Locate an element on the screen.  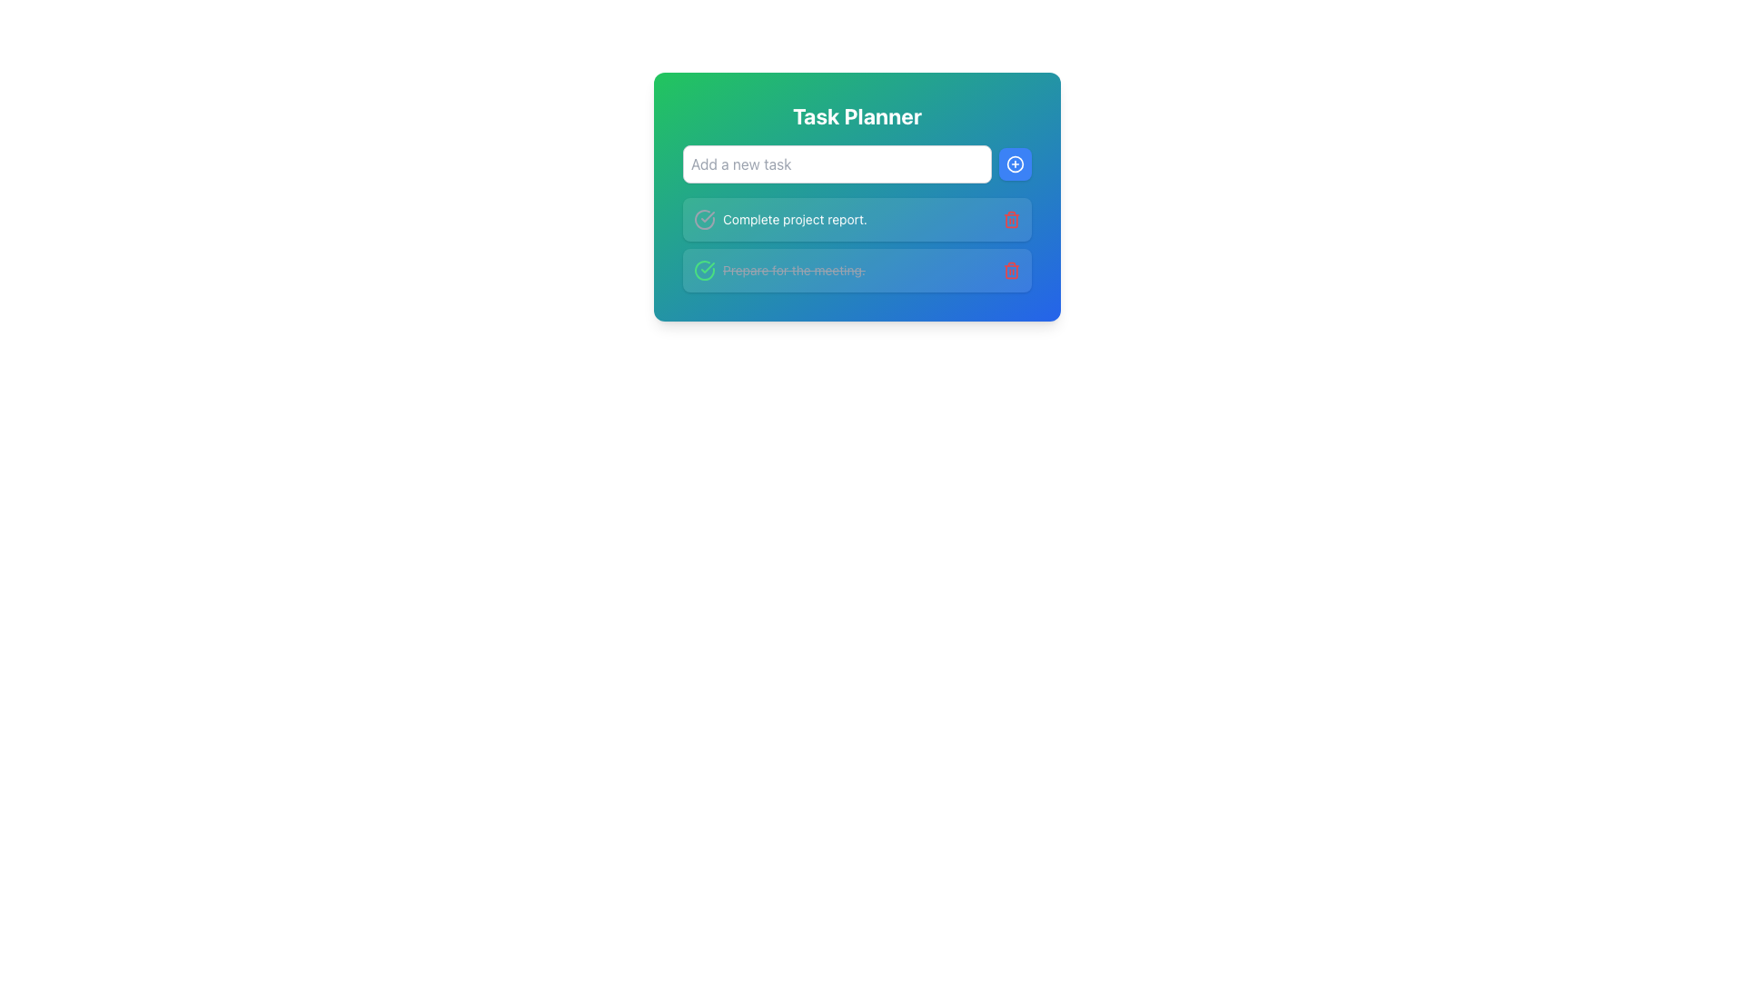
the add item icon located in the top-right corner of the blue rounded rectangle on the task planning panel is located at coordinates (1015, 164).